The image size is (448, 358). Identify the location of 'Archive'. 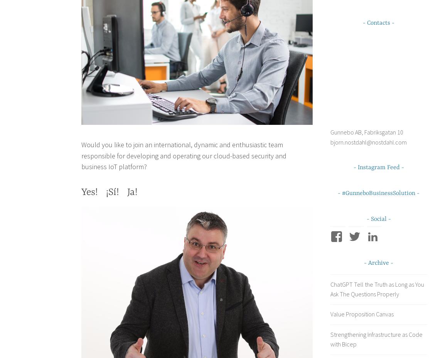
(378, 262).